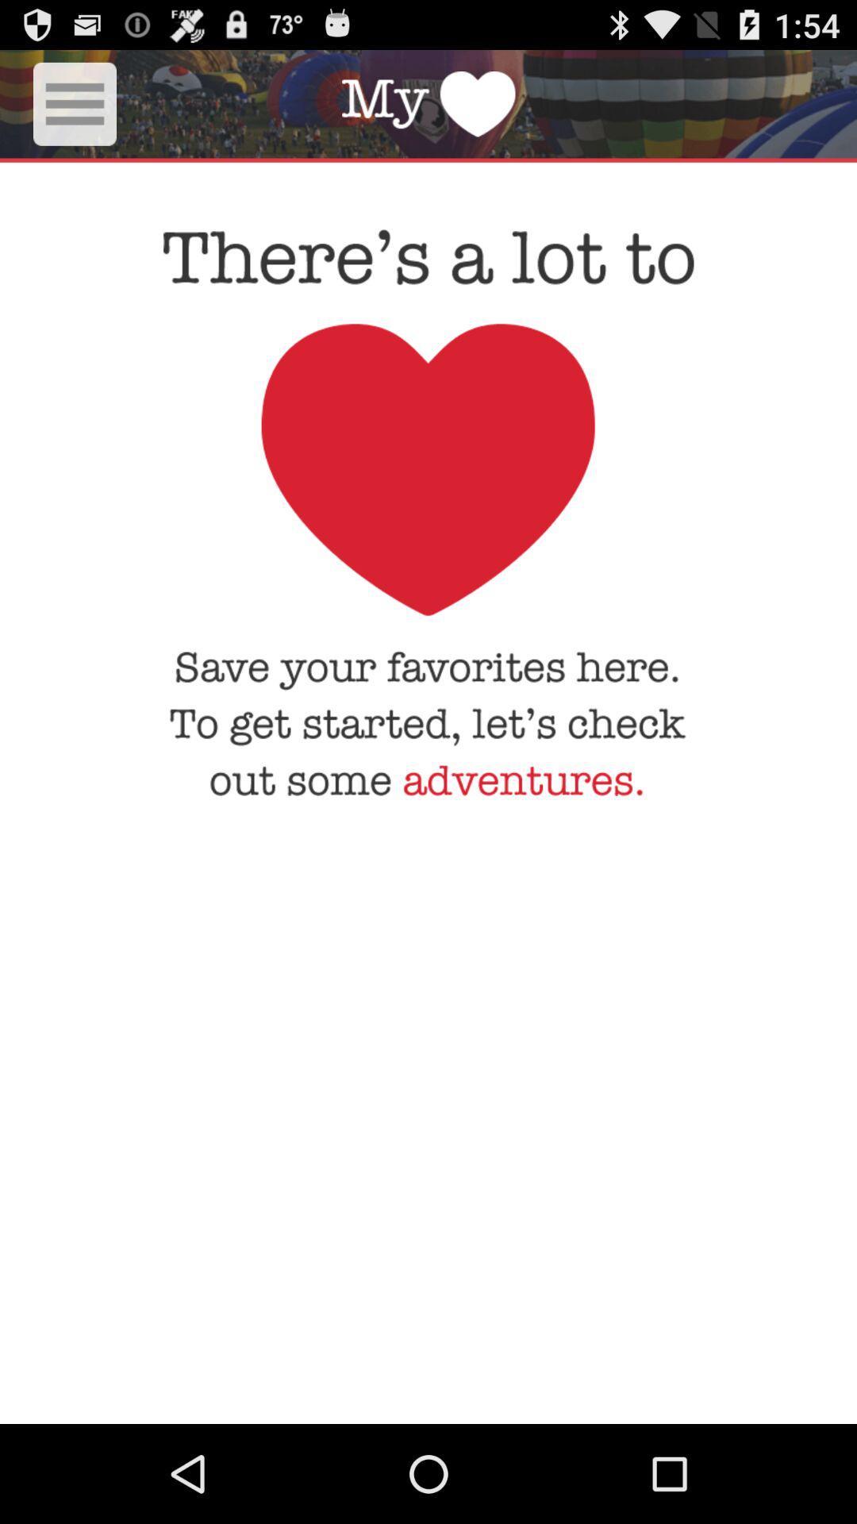 The image size is (857, 1524). What do you see at coordinates (75, 103) in the screenshot?
I see `as list` at bounding box center [75, 103].